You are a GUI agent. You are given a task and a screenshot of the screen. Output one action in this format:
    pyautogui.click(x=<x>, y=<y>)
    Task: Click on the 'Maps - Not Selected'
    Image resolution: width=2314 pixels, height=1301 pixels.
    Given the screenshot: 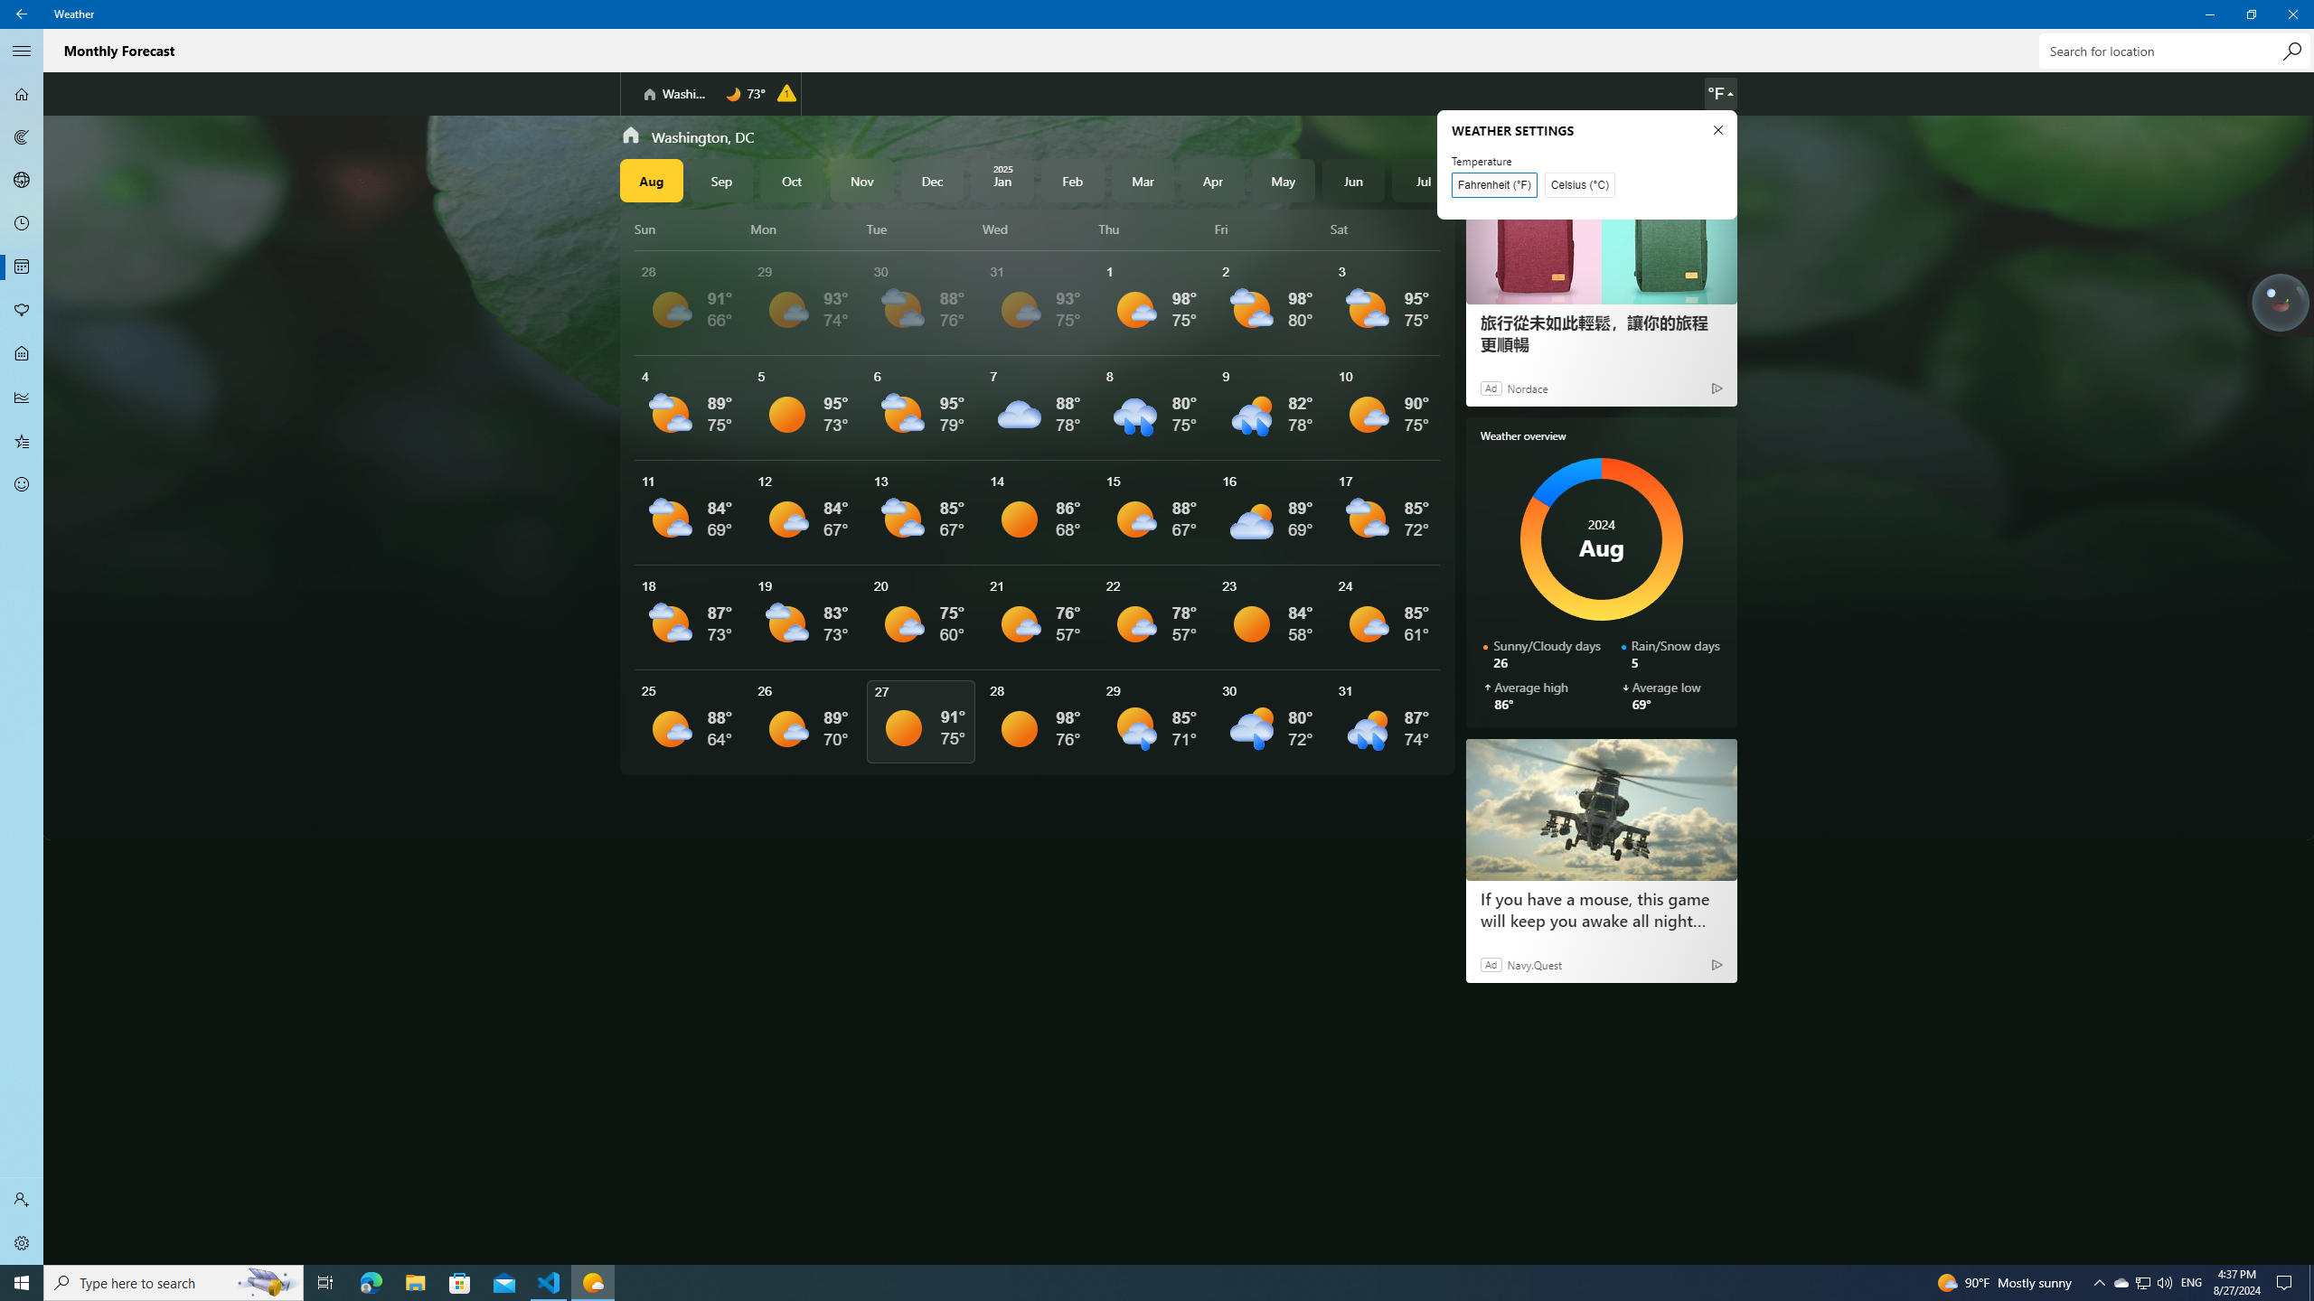 What is the action you would take?
    pyautogui.click(x=22, y=136)
    